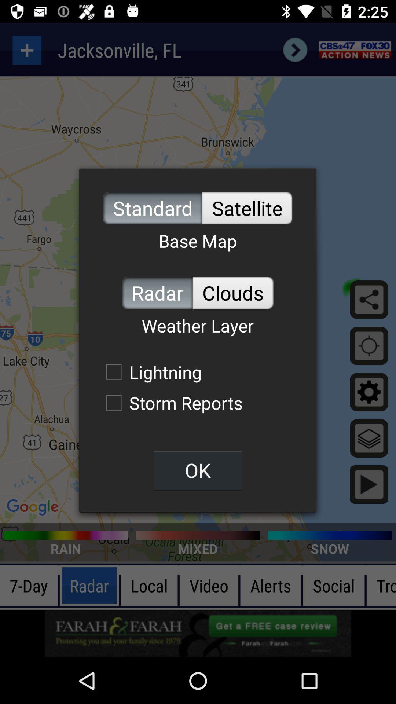  What do you see at coordinates (150, 372) in the screenshot?
I see `the icon above storm reports icon` at bounding box center [150, 372].